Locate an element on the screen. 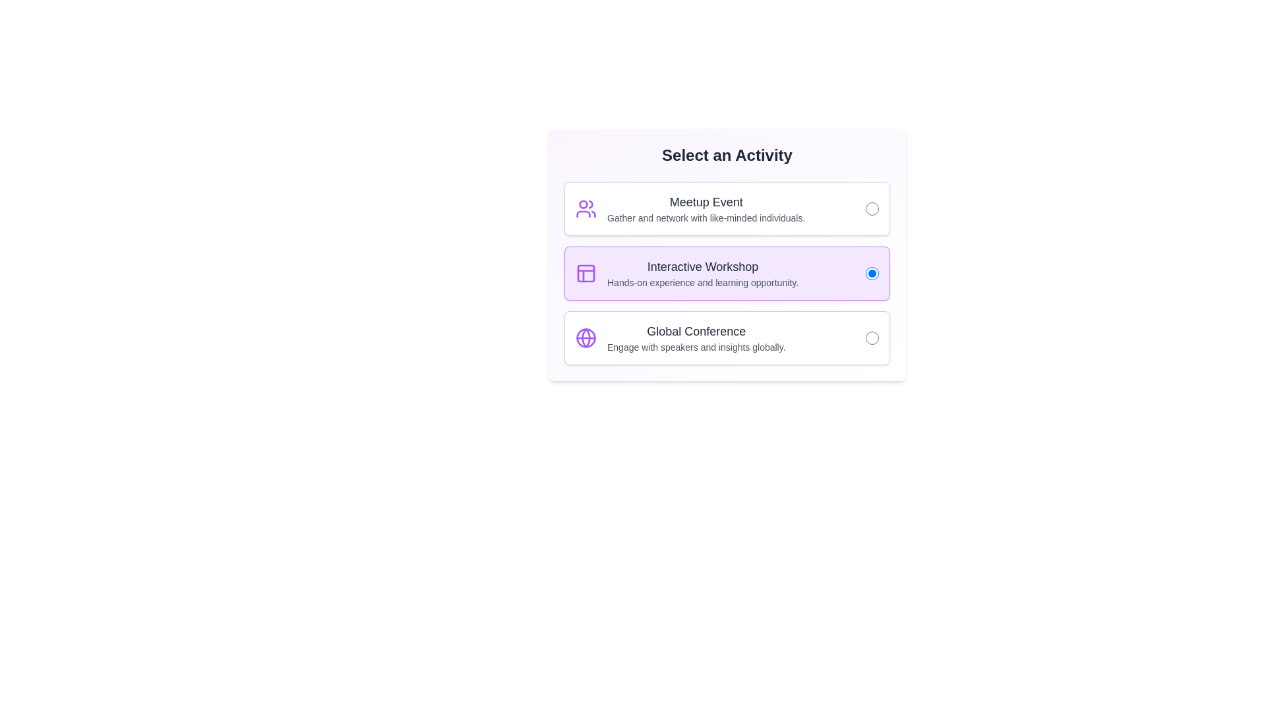 This screenshot has width=1266, height=712. the selection item titled 'Global Conference', which features a globe icon on the left and a radio button on the right is located at coordinates (727, 338).